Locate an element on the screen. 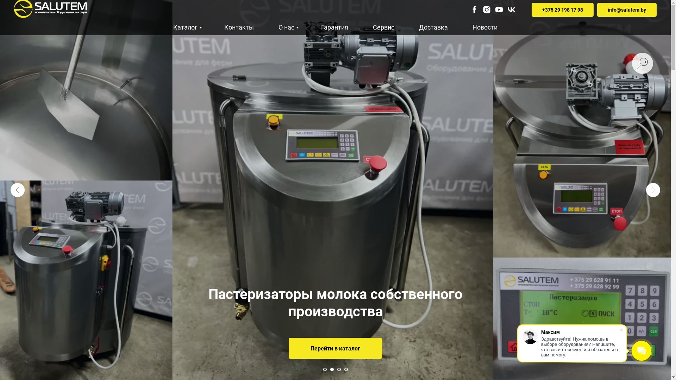 This screenshot has height=380, width=676. 'info@salutem.by' is located at coordinates (627, 9).